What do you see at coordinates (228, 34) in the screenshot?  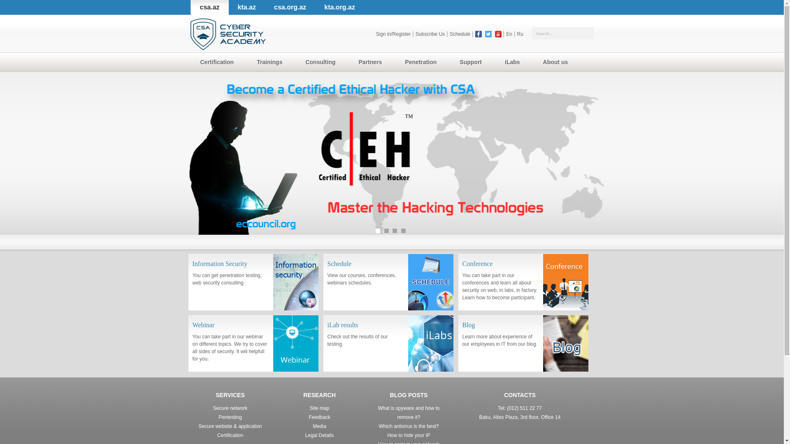 I see `'Cyber Security Academy'` at bounding box center [228, 34].